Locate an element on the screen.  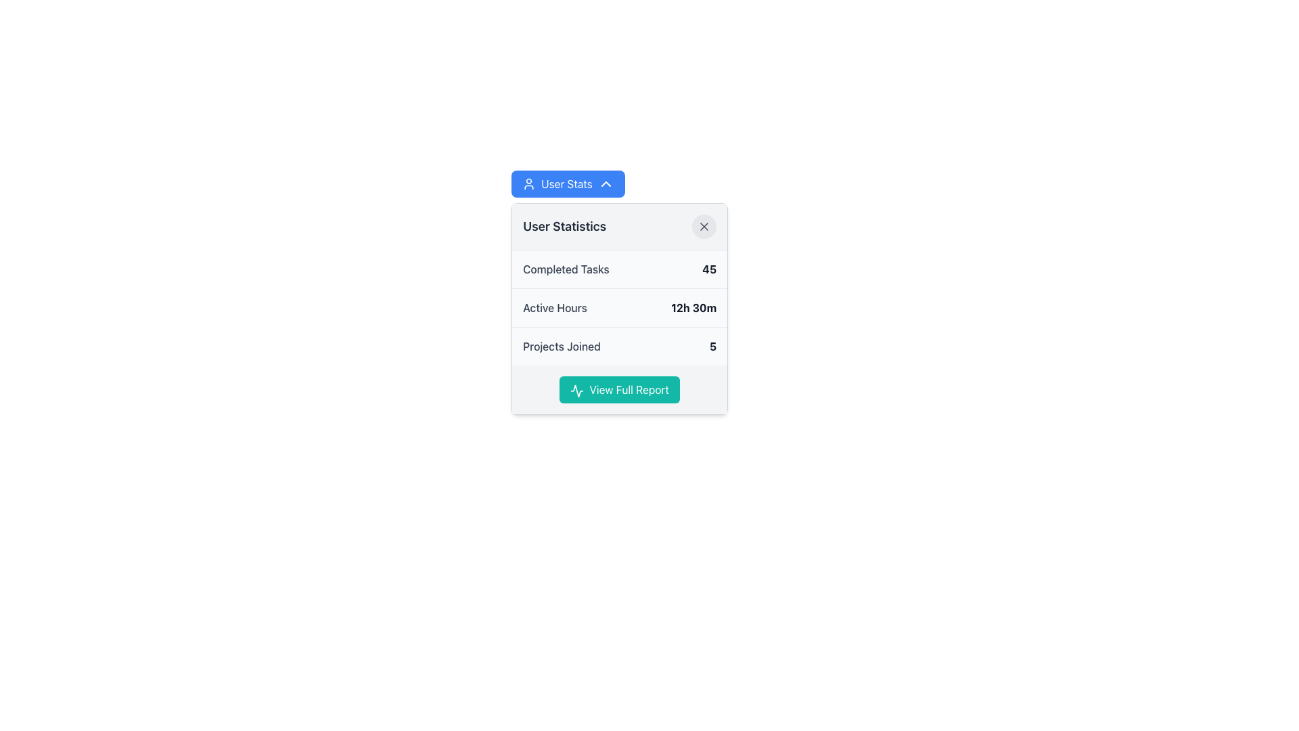
the waveform icon located to the left of the 'View Full Report' button, which is teal and styled minimally, positioned at the left edge of the button's text is located at coordinates (577, 391).